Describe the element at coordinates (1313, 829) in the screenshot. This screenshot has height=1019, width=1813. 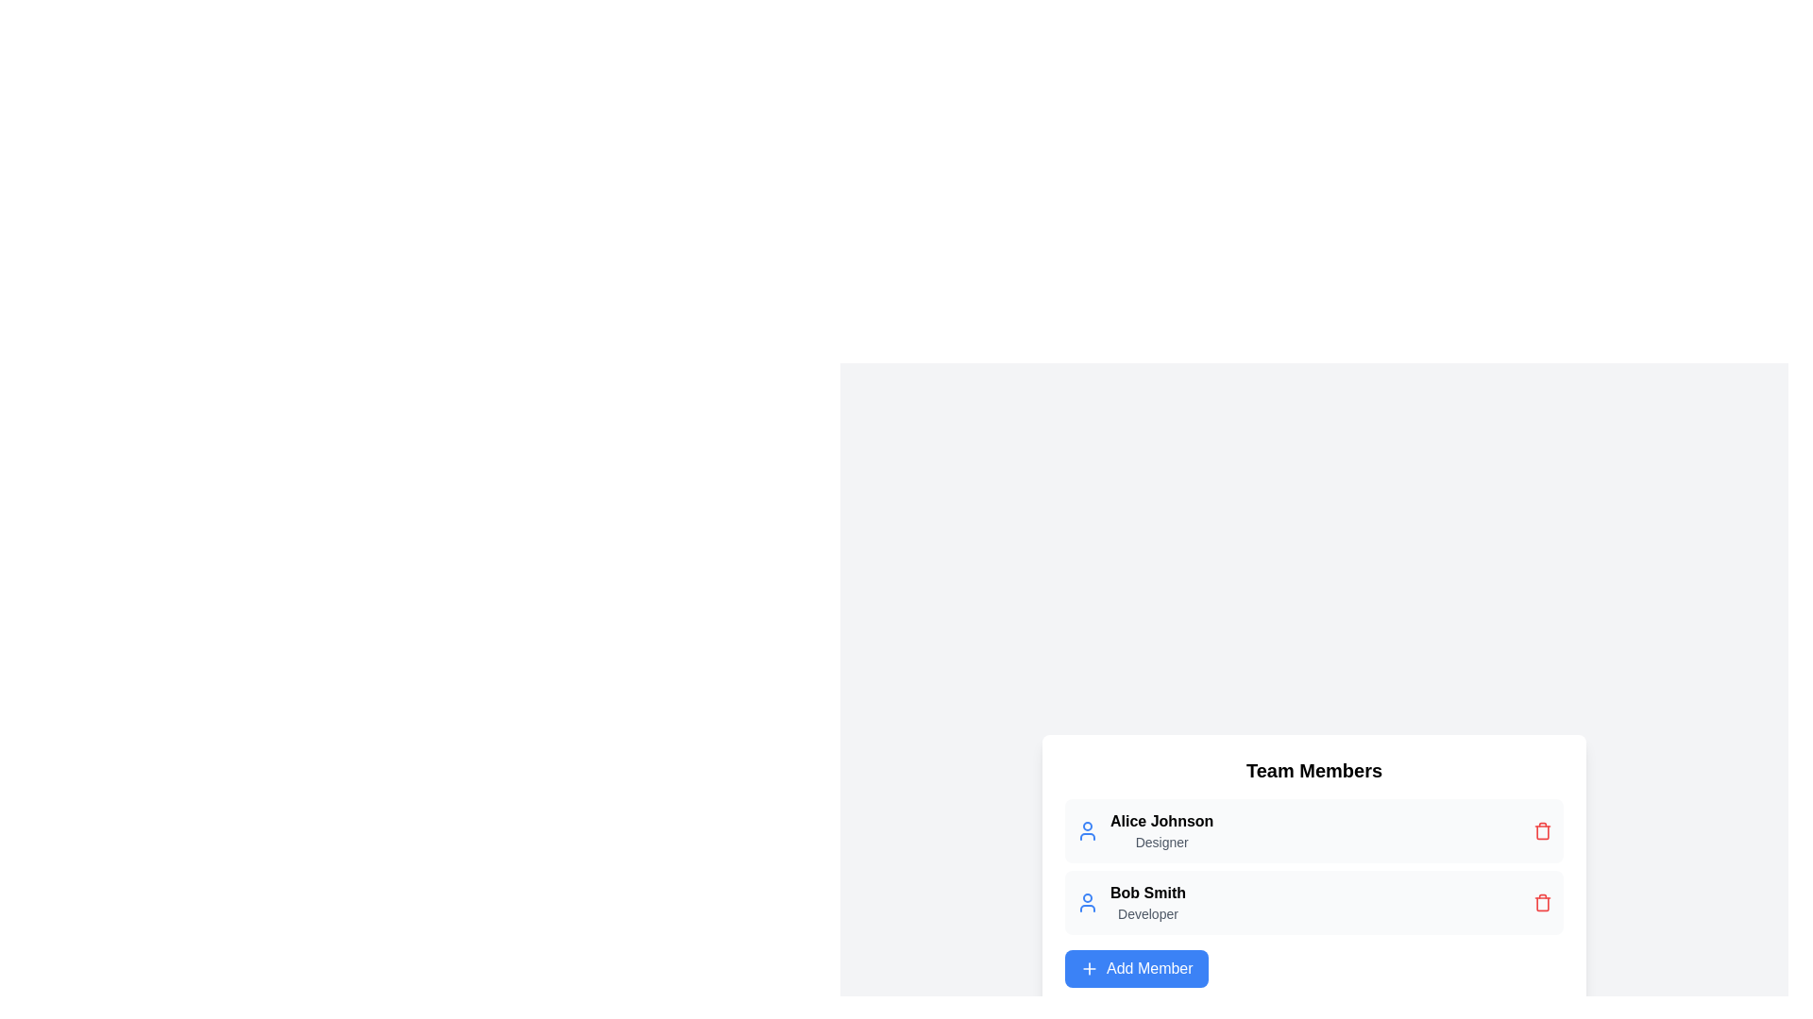
I see `the user item element representing 'Alice Johnson' in the list by using the keyboard` at that location.